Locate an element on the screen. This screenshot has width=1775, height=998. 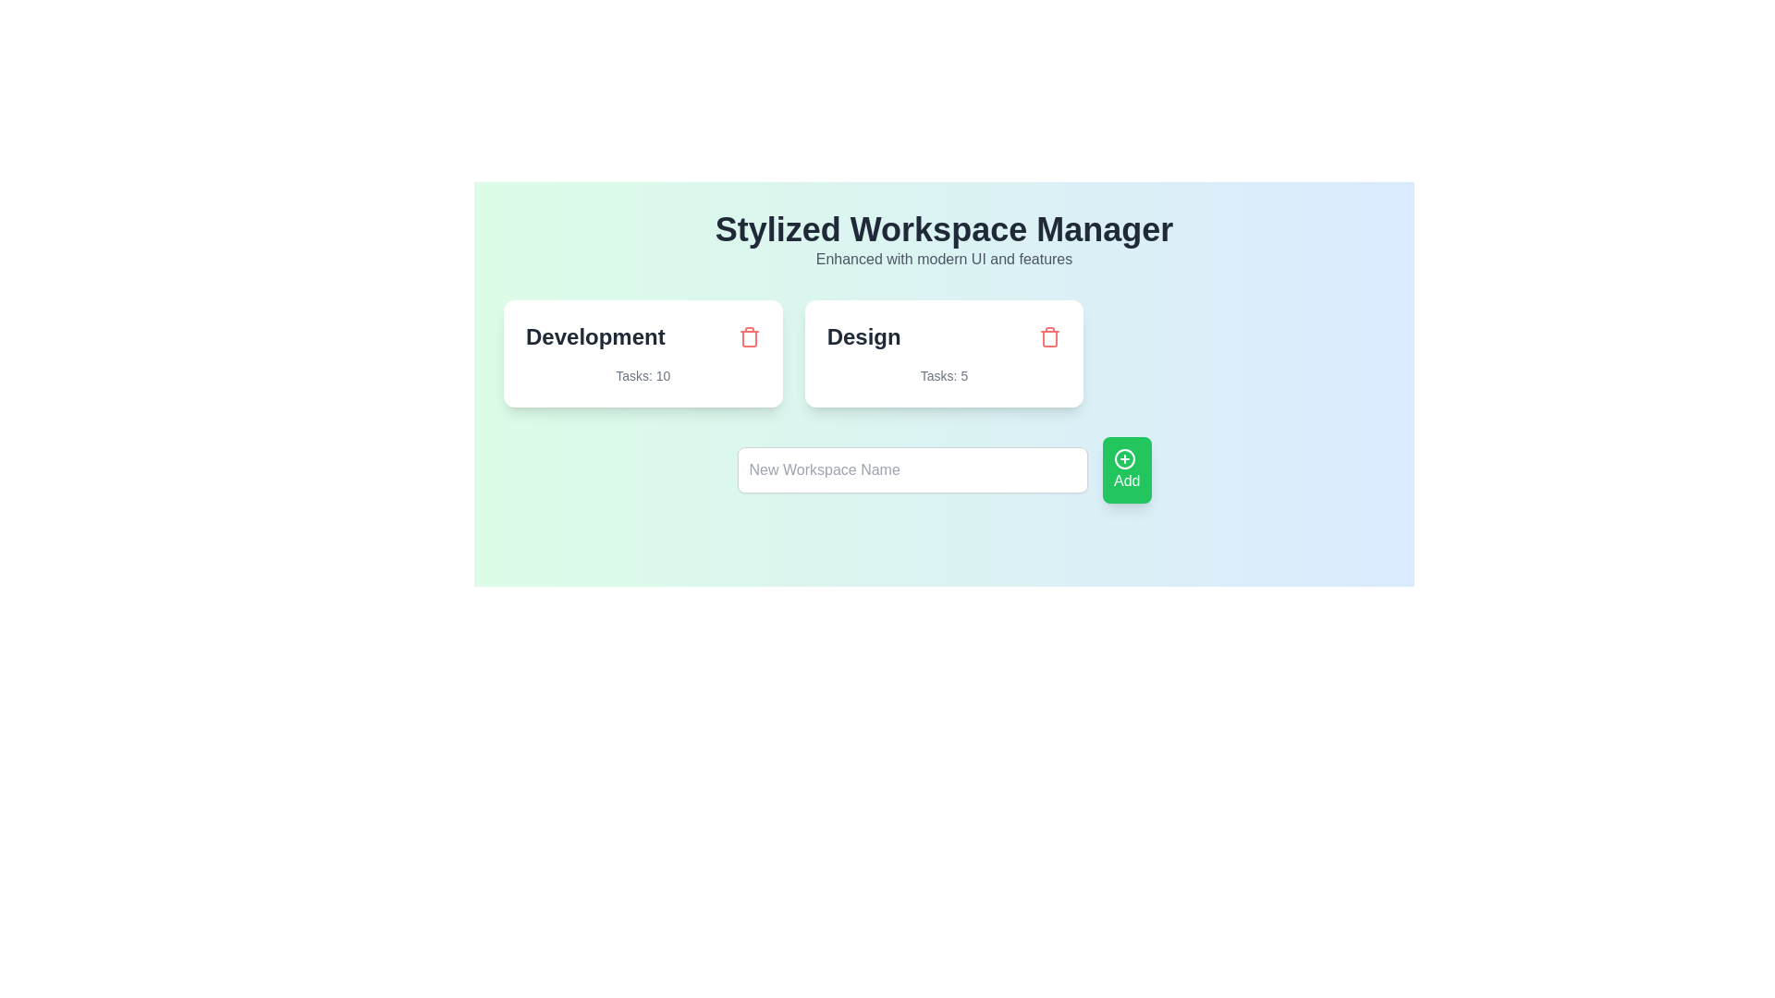
the text element displaying 'Enhanced with modern UI and features', which is styled in light gray and located directly below the title 'Stylized Workspace Manager' is located at coordinates (944, 260).